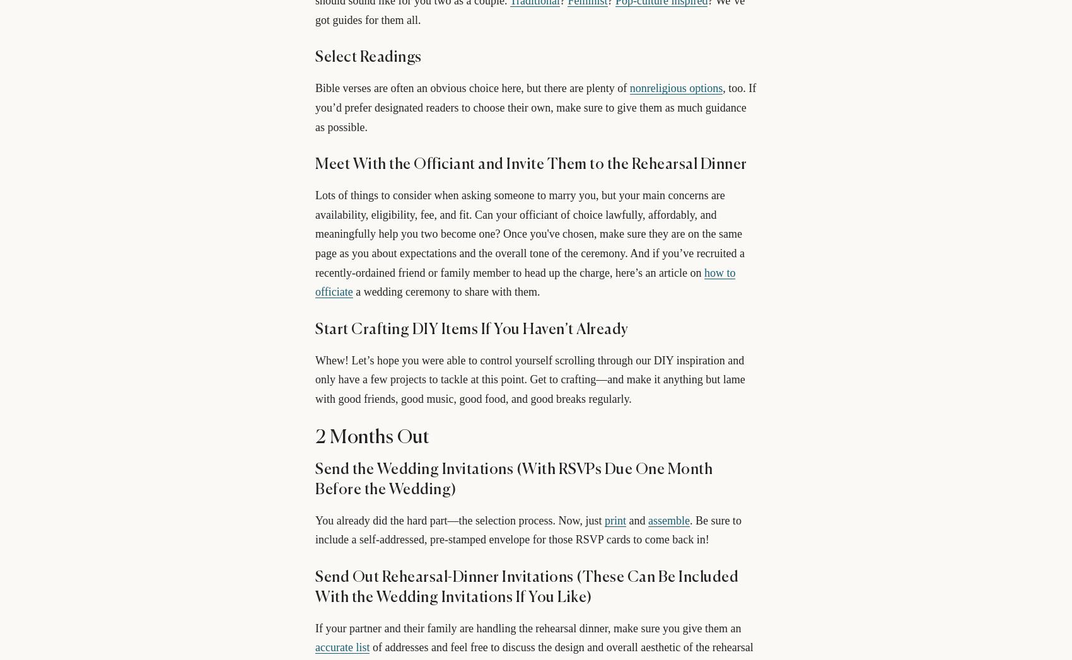 The height and width of the screenshot is (660, 1072). What do you see at coordinates (472, 87) in the screenshot?
I see `'Bible verses are often an obvious choice here, but there are plenty of'` at bounding box center [472, 87].